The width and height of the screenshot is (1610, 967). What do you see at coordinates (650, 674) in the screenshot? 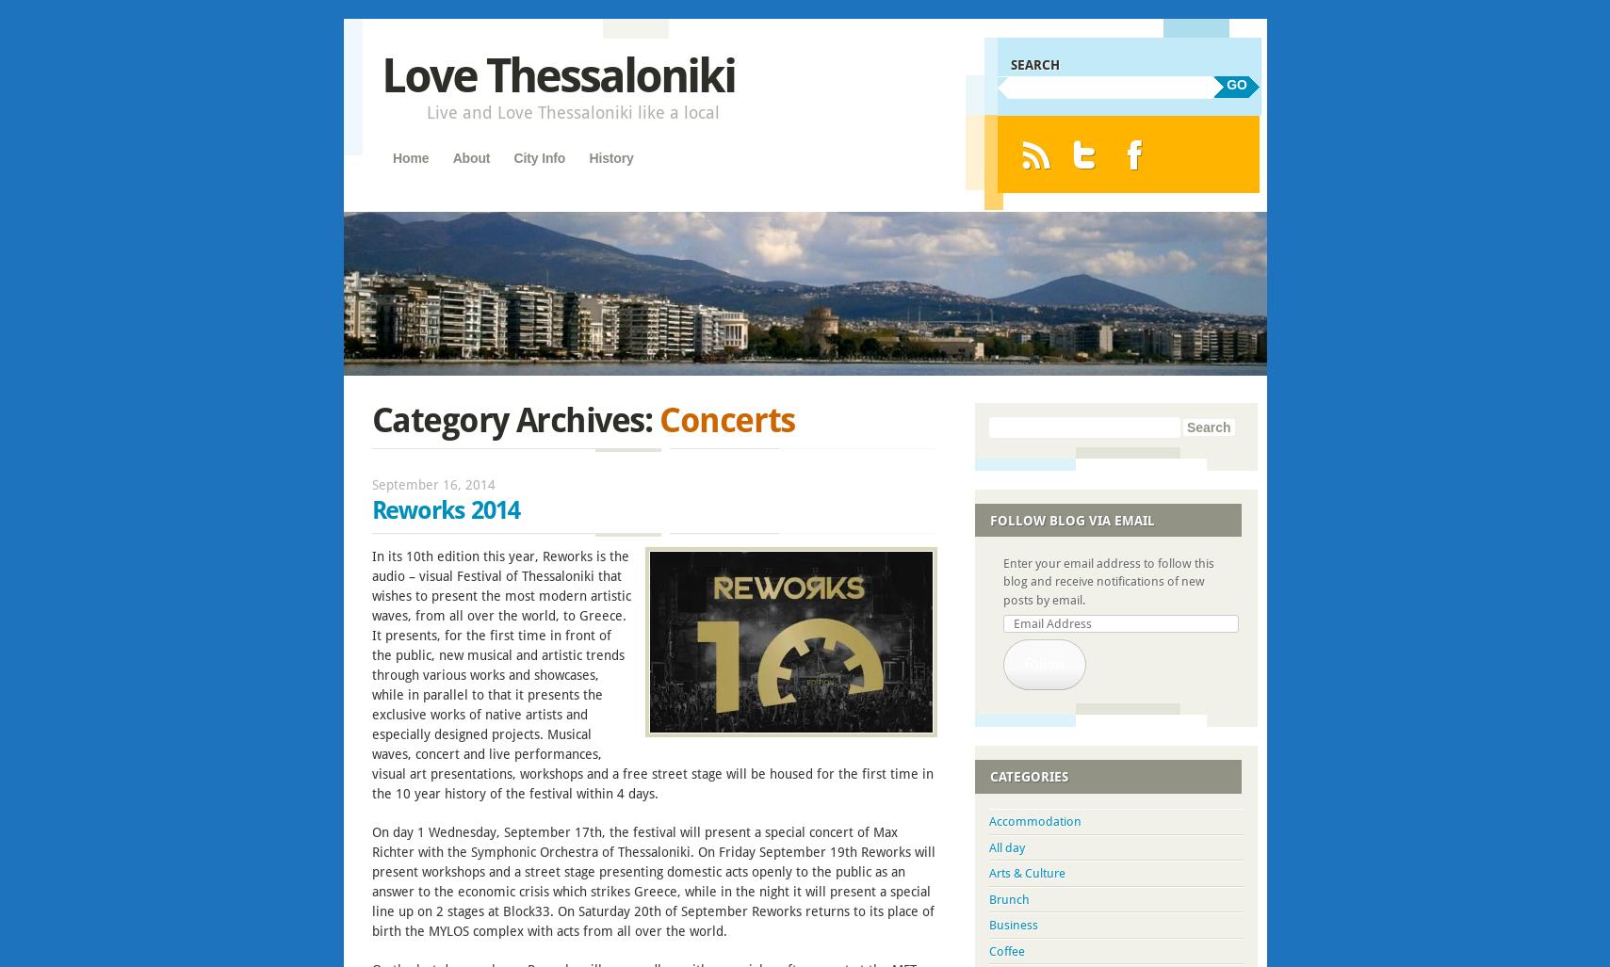
I see `'In its 10th edition this year, Reworks is the audio – visual Festival of Thessaloniki that wishes to present the most modern artistic waves, from all over the world, to Greece. It presents, for the first time in front of the public, new musical and artistic trends through various works and showcases, while in parallel to that it presents the exclusive works of native artists and especially designed projects. Musical waves, concert and live performances, visual art presentations, workshops and a free street stage will be housed for the first time in the 10 year history of the festival within 4 days.'` at bounding box center [650, 674].